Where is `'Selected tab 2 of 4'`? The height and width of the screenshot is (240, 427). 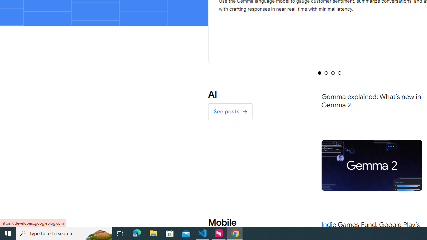
'Selected tab 2 of 4' is located at coordinates (326, 73).